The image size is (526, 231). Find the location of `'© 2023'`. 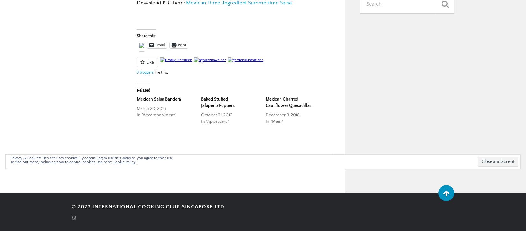

'© 2023' is located at coordinates (82, 206).